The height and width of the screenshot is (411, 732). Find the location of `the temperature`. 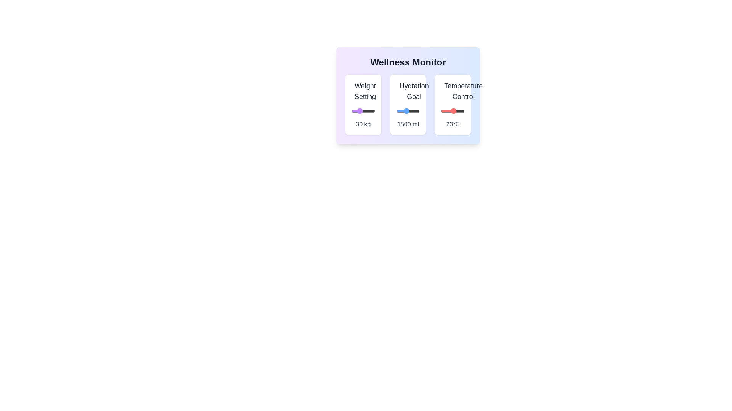

the temperature is located at coordinates (443, 111).